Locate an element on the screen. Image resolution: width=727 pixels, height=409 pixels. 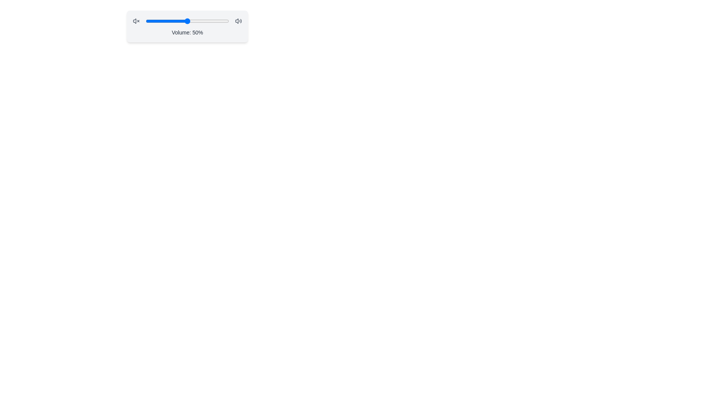
the text 'Volume: 50%' to highlight it is located at coordinates (187, 32).